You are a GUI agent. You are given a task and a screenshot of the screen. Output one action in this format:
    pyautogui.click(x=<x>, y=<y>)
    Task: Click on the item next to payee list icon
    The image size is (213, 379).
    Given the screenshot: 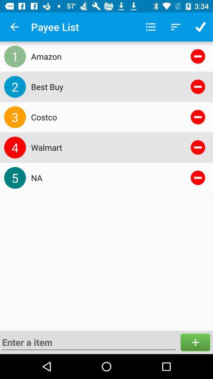 What is the action you would take?
    pyautogui.click(x=151, y=27)
    